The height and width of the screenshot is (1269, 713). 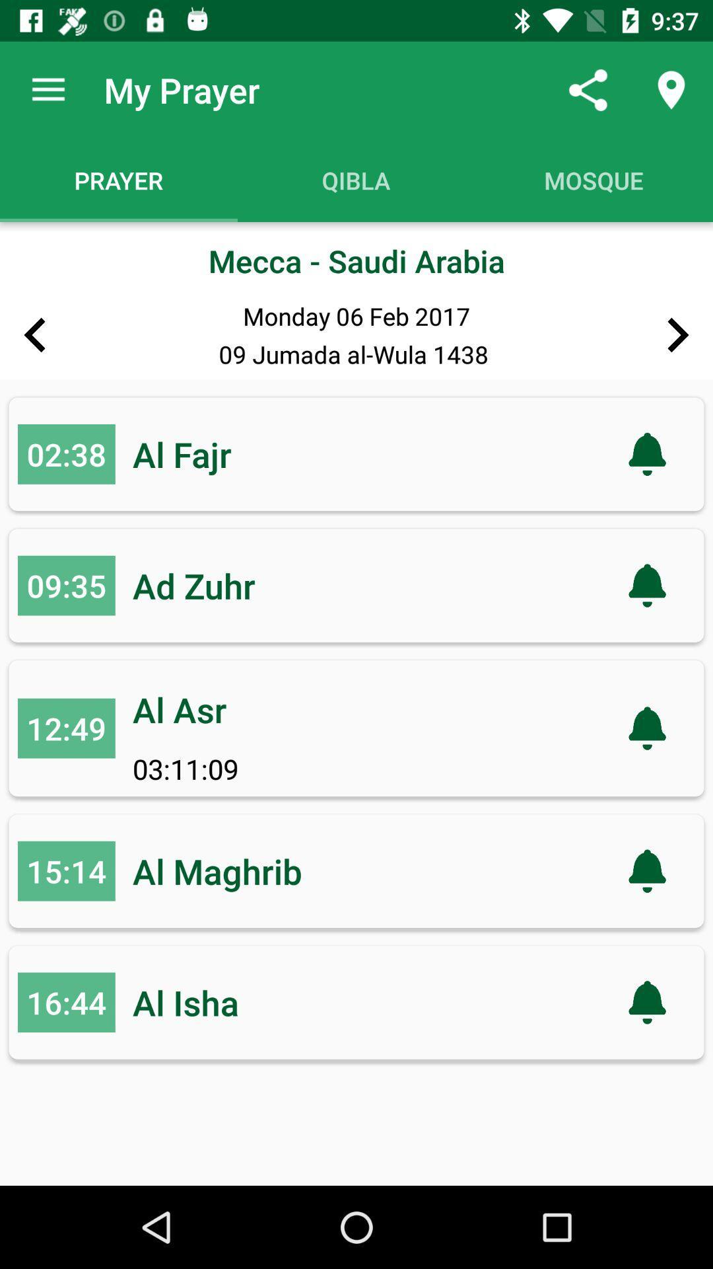 What do you see at coordinates (678, 335) in the screenshot?
I see `the arrow_forward icon` at bounding box center [678, 335].